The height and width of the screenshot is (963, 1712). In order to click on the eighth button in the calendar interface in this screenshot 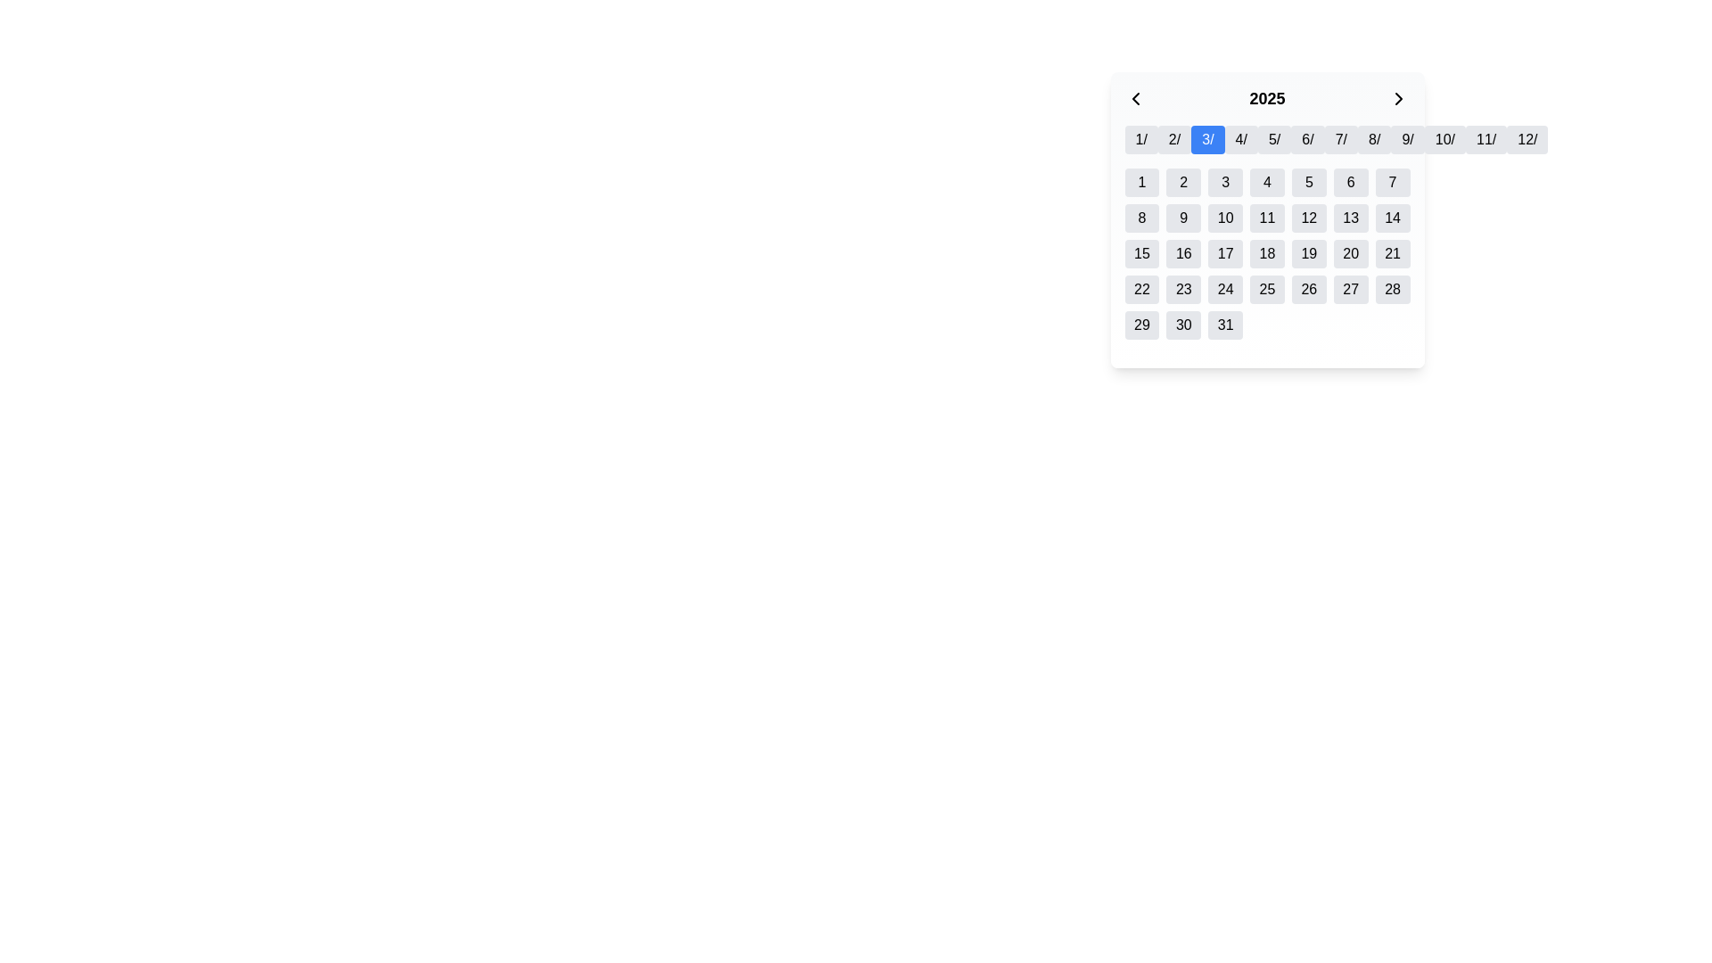, I will do `click(1373, 139)`.